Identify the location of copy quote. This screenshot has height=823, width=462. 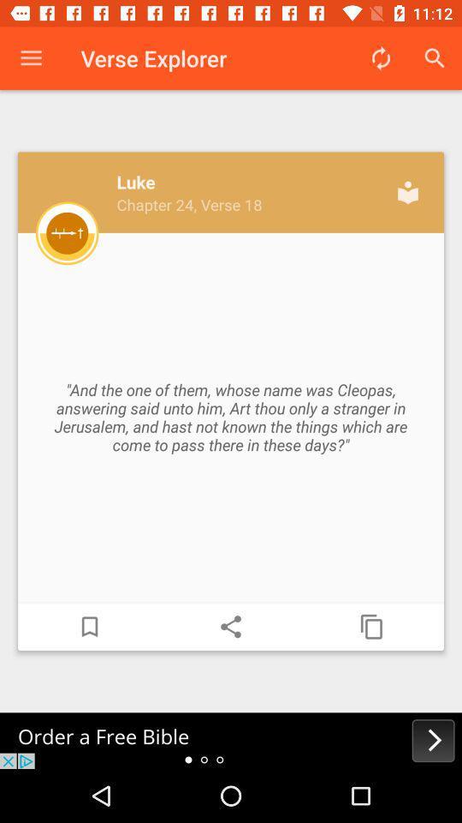
(371, 626).